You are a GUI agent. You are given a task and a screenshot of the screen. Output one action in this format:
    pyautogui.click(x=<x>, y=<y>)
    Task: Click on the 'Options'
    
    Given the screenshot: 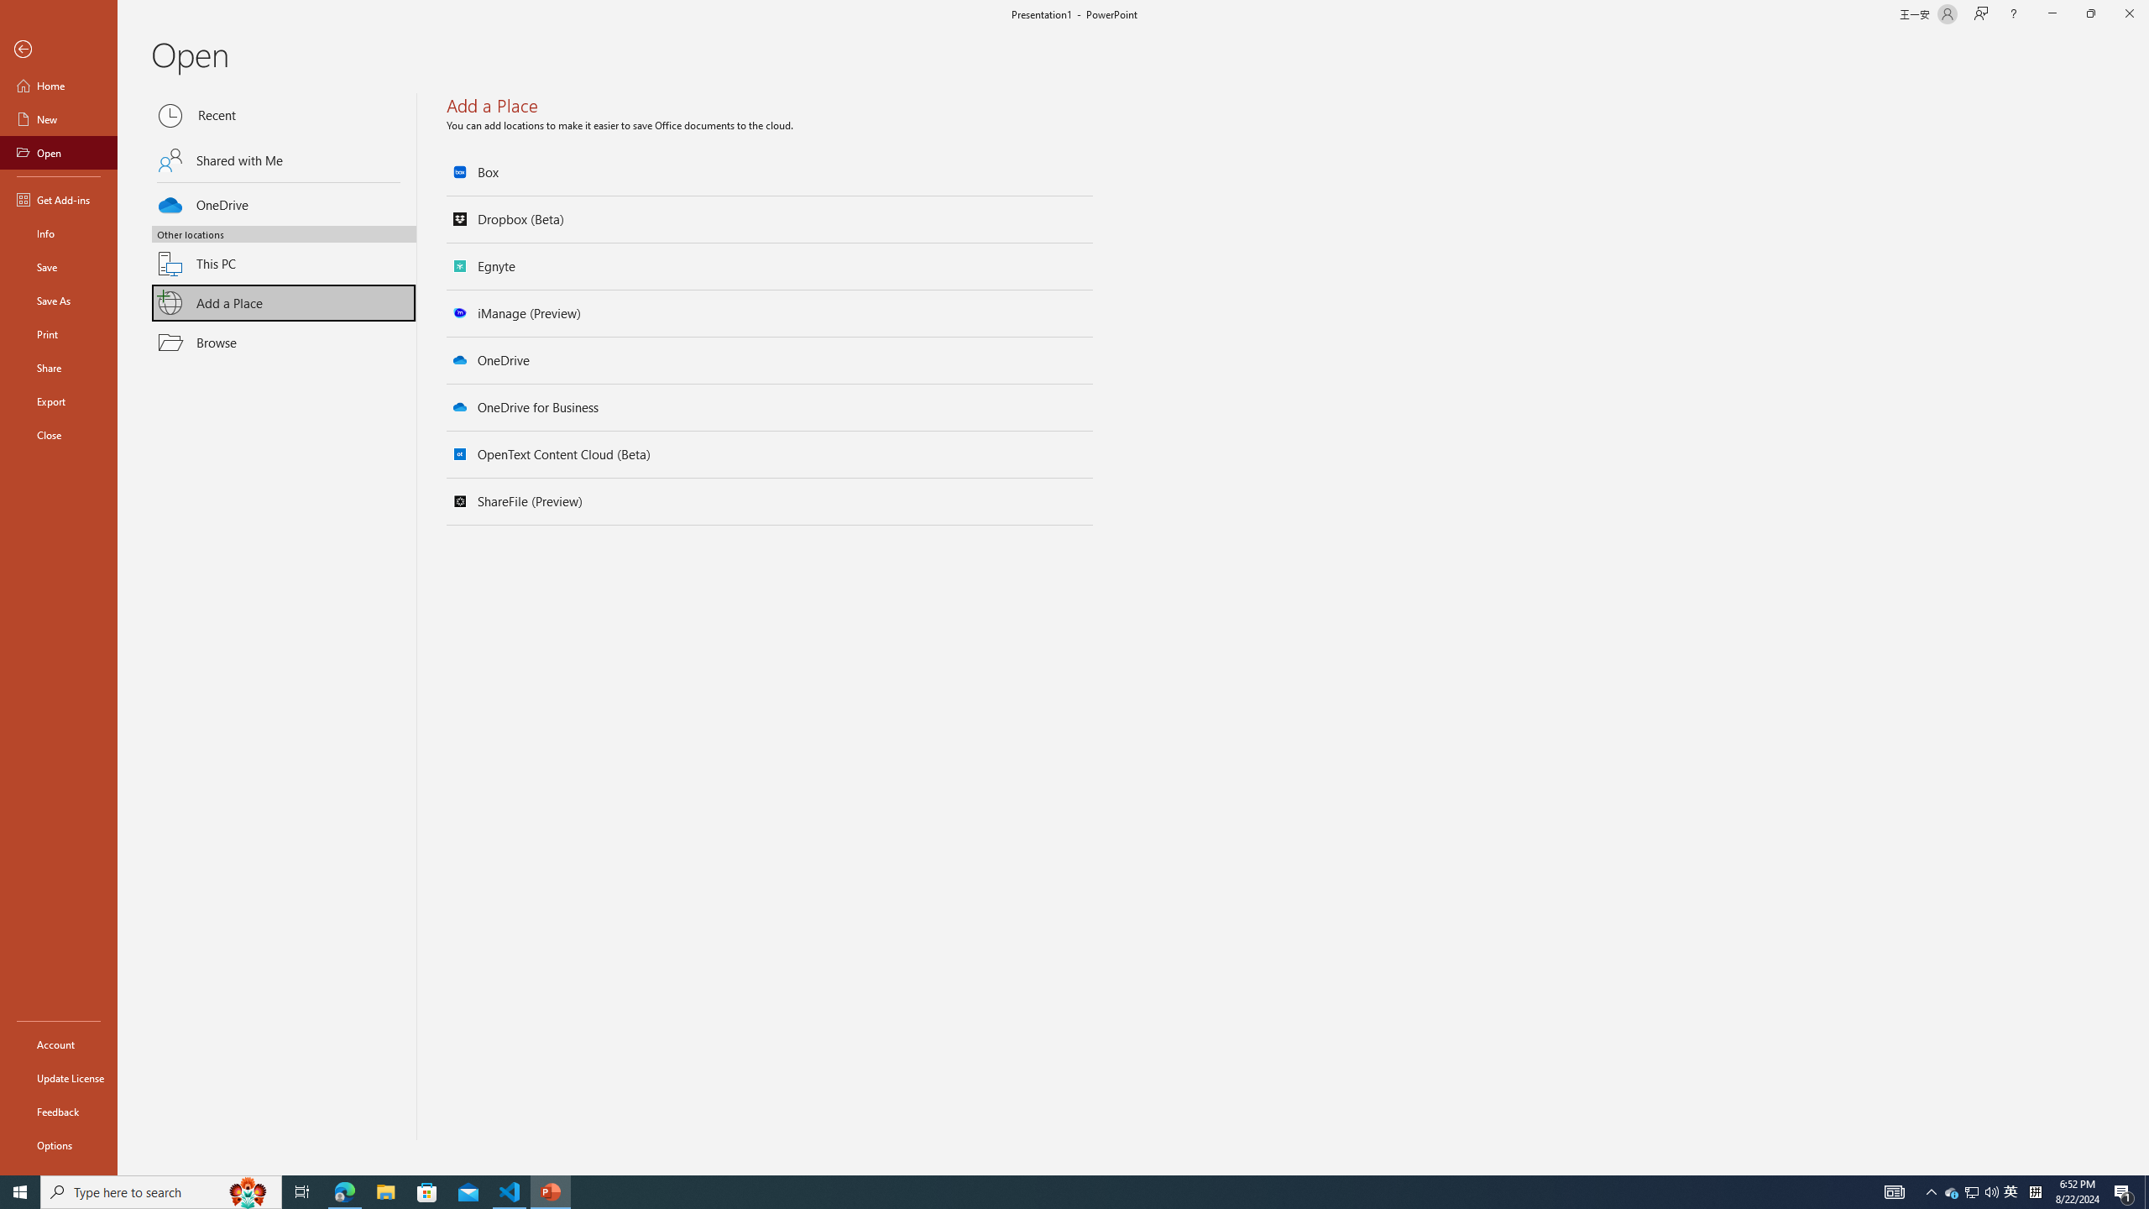 What is the action you would take?
    pyautogui.click(x=58, y=1144)
    